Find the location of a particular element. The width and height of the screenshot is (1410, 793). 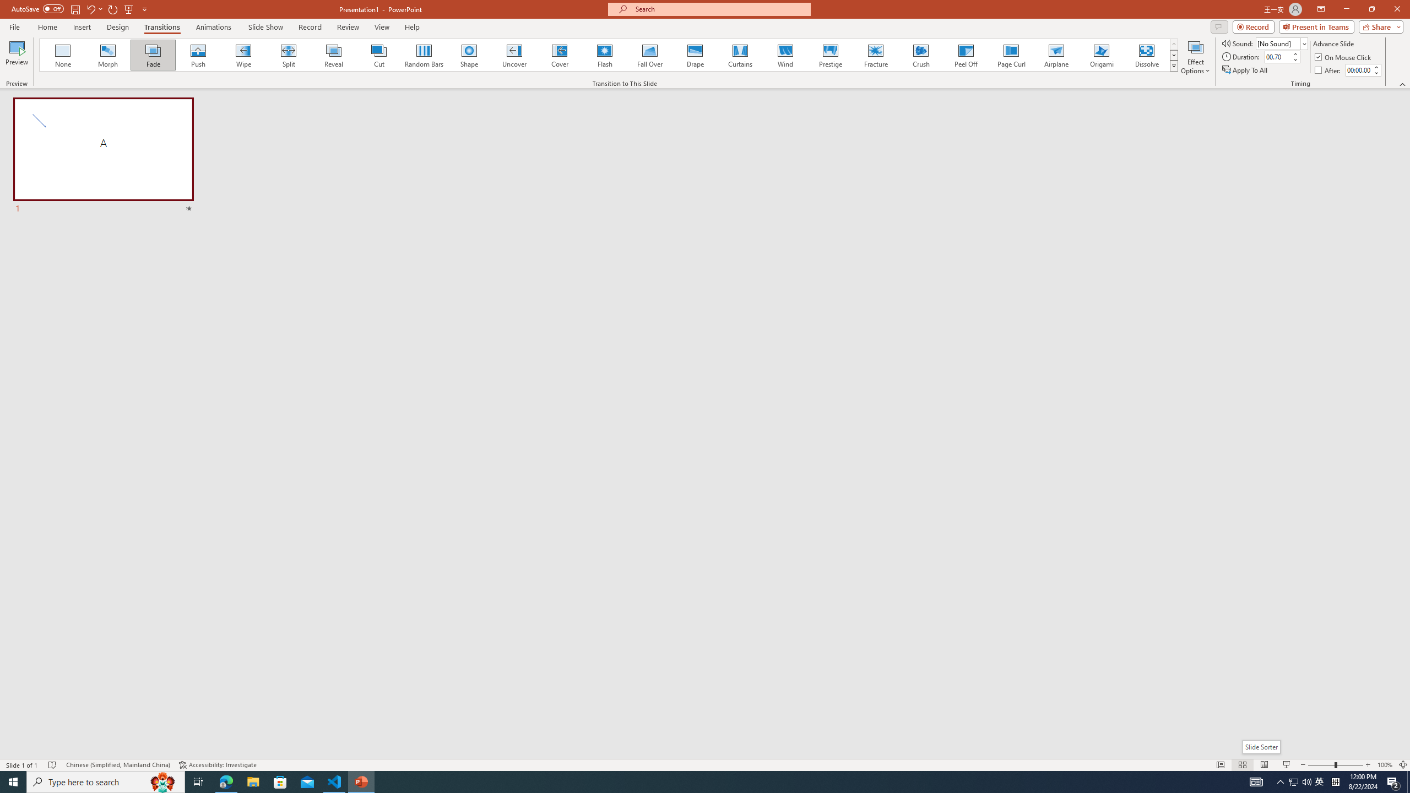

'Duration' is located at coordinates (1277, 56).